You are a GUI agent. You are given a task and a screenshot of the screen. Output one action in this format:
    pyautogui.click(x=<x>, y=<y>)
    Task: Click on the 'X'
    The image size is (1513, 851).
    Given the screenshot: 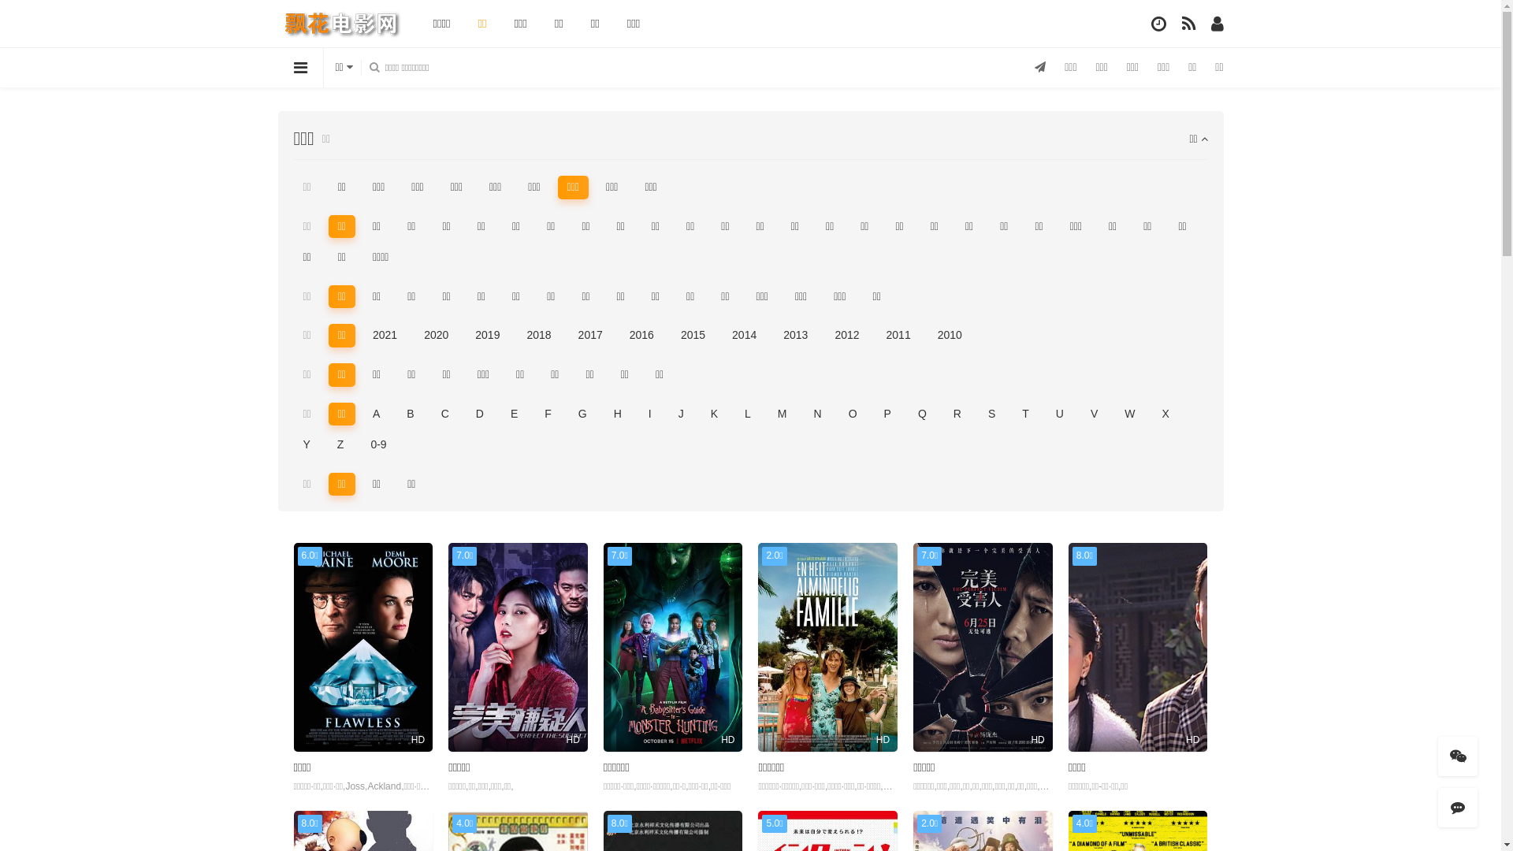 What is the action you would take?
    pyautogui.click(x=1165, y=413)
    